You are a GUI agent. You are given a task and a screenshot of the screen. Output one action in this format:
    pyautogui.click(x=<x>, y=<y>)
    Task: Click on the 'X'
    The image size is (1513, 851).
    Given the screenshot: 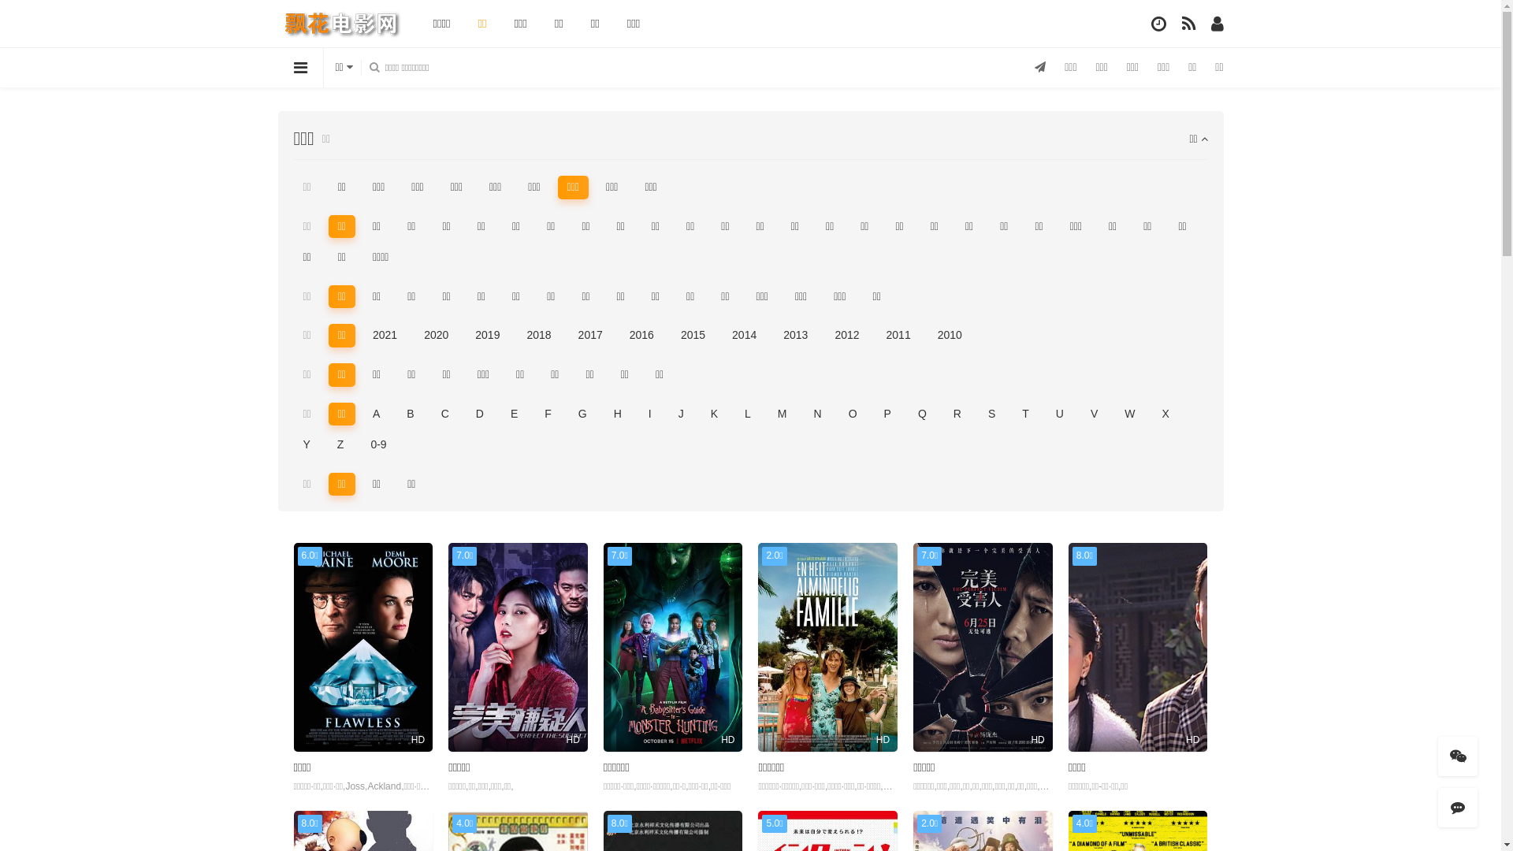 What is the action you would take?
    pyautogui.click(x=1165, y=413)
    